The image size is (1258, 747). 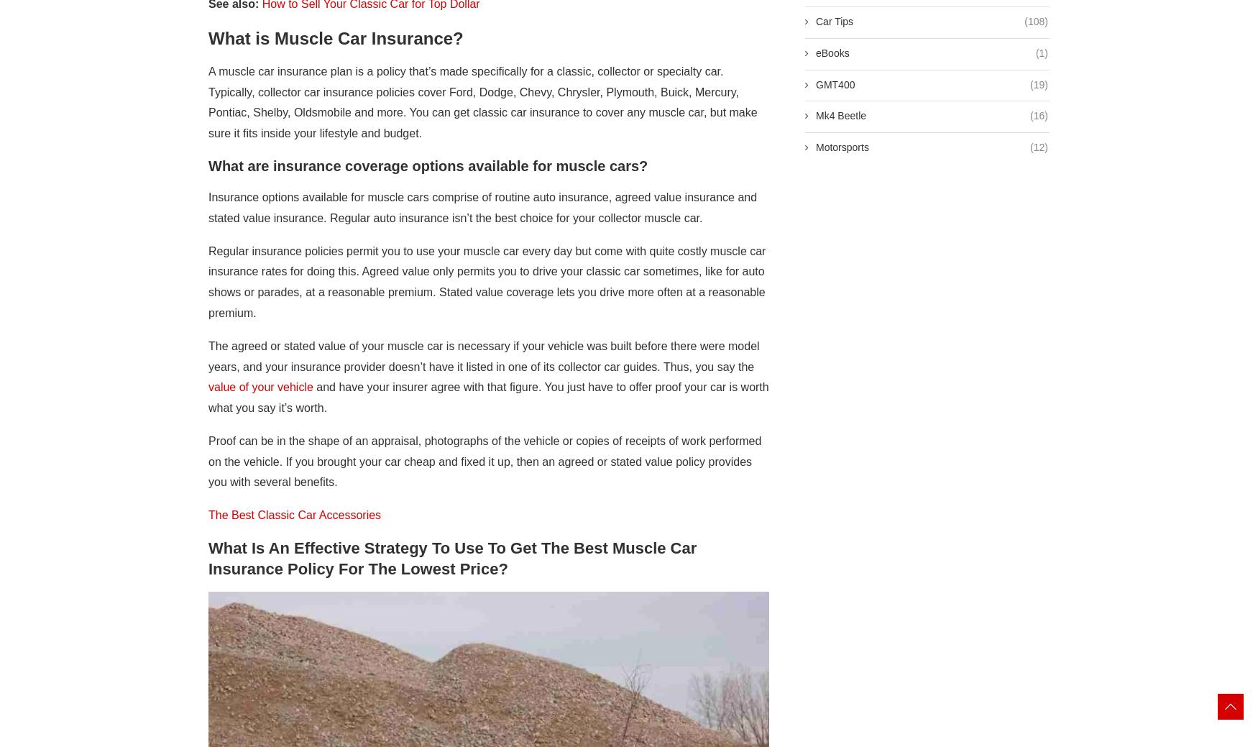 I want to click on '(19)', so click(x=1039, y=83).